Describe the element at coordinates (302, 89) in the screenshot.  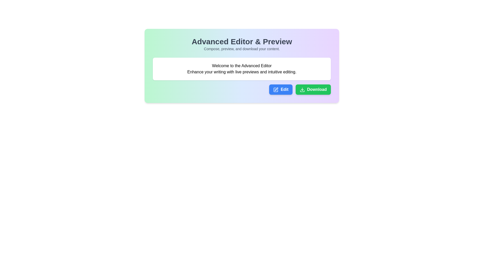
I see `the green 'Download' button containing the white download SVG icon to initiate the download action` at that location.